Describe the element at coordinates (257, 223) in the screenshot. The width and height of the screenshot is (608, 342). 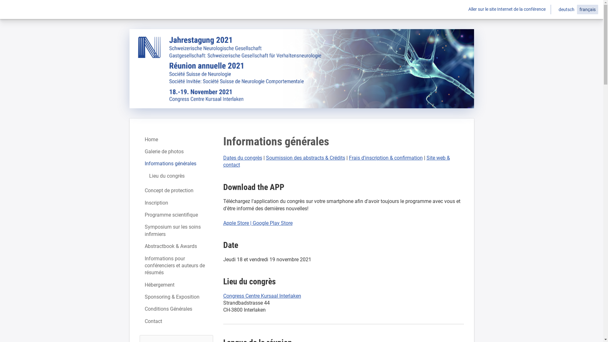
I see `'Apple Store | Google Play Store'` at that location.